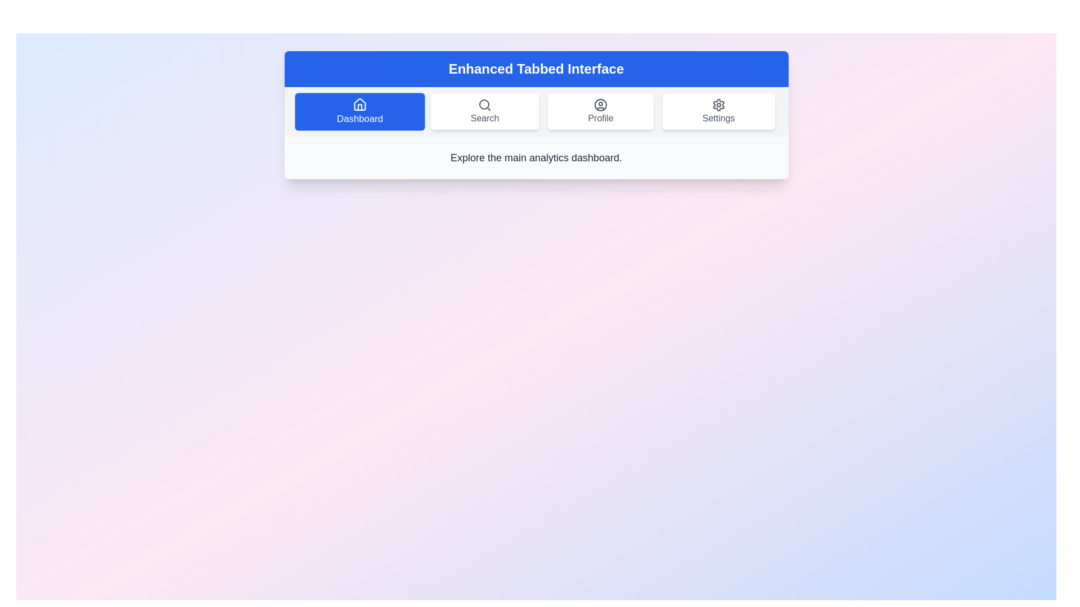 The image size is (1080, 607). I want to click on the user profile icon located in the 'Profile' tab, which is centered above the 'Profile' text in the horizontal navigation bar, so click(600, 105).